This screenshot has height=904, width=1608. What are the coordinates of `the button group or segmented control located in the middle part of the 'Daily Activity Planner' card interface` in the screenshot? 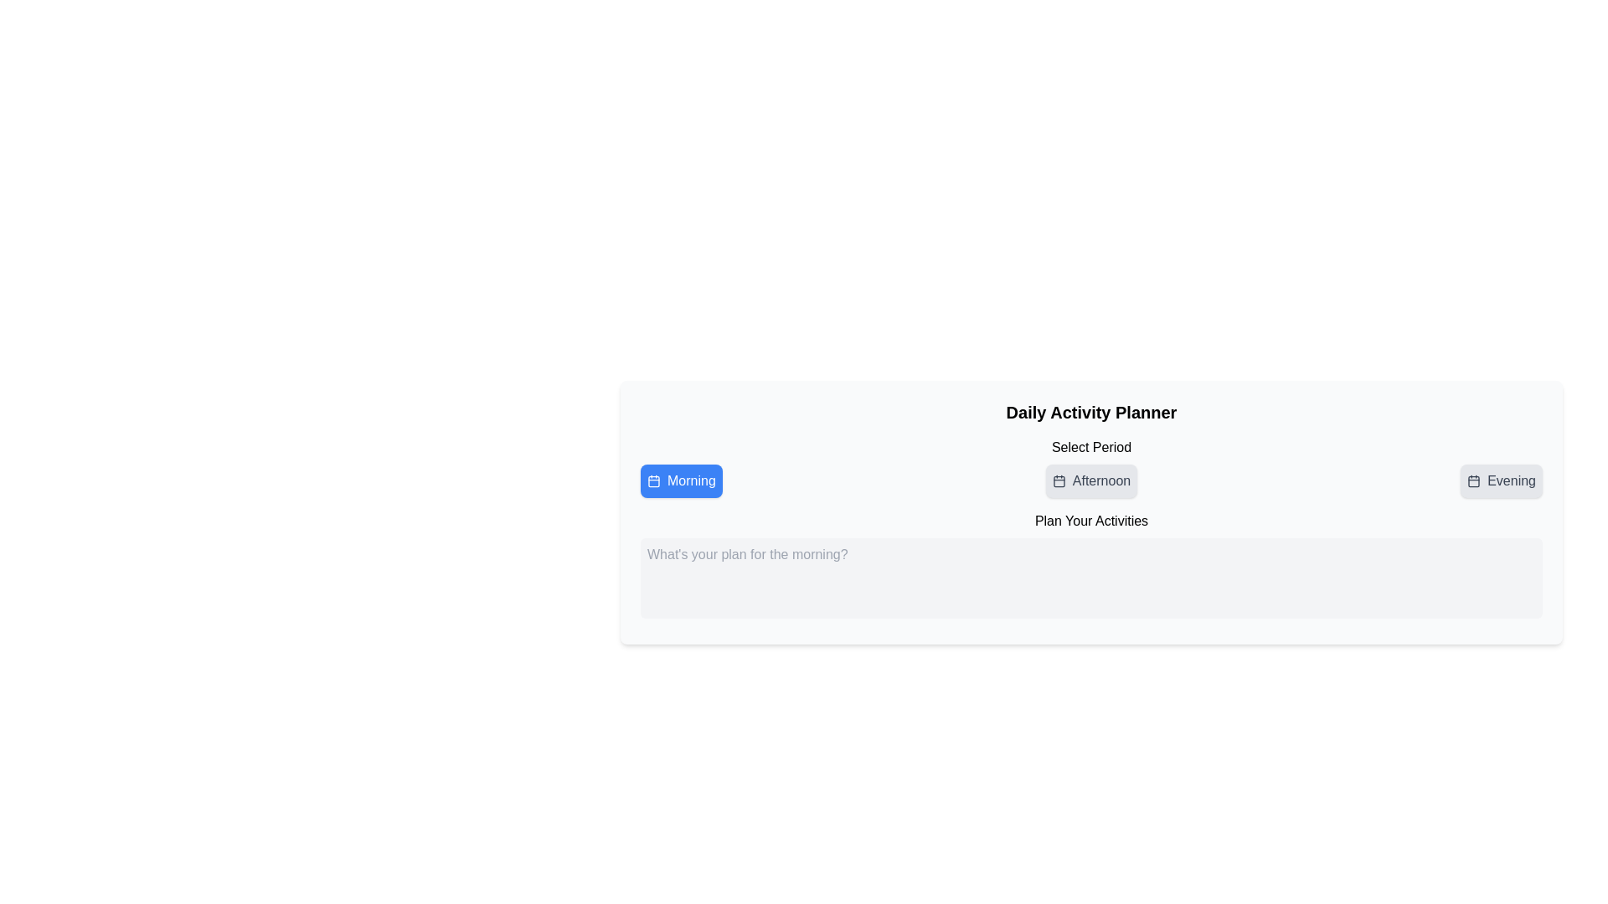 It's located at (1091, 468).